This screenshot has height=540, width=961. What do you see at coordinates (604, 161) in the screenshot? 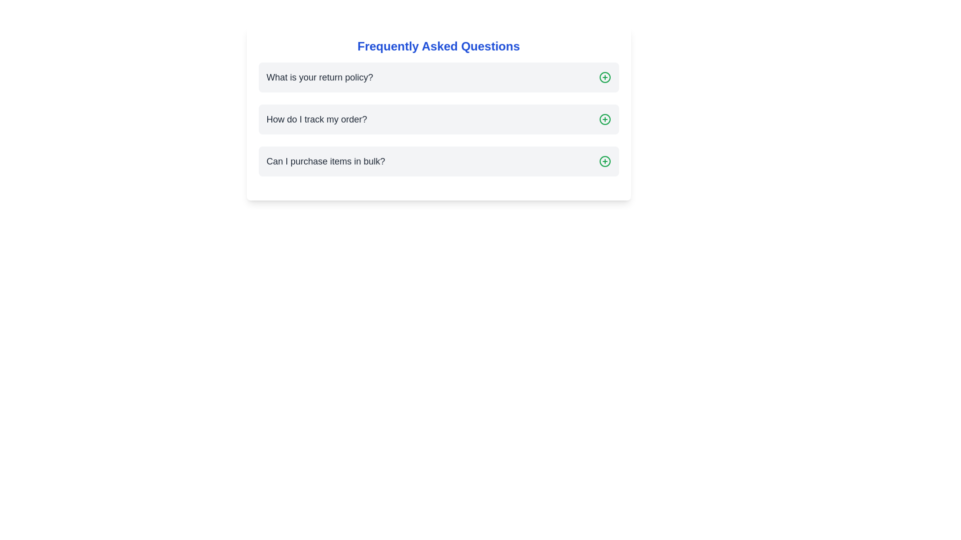
I see `the circular outline within the green plus sign icon at the right end of the 'Can I purchase items in bulk?' question in the FAQ section` at bounding box center [604, 161].